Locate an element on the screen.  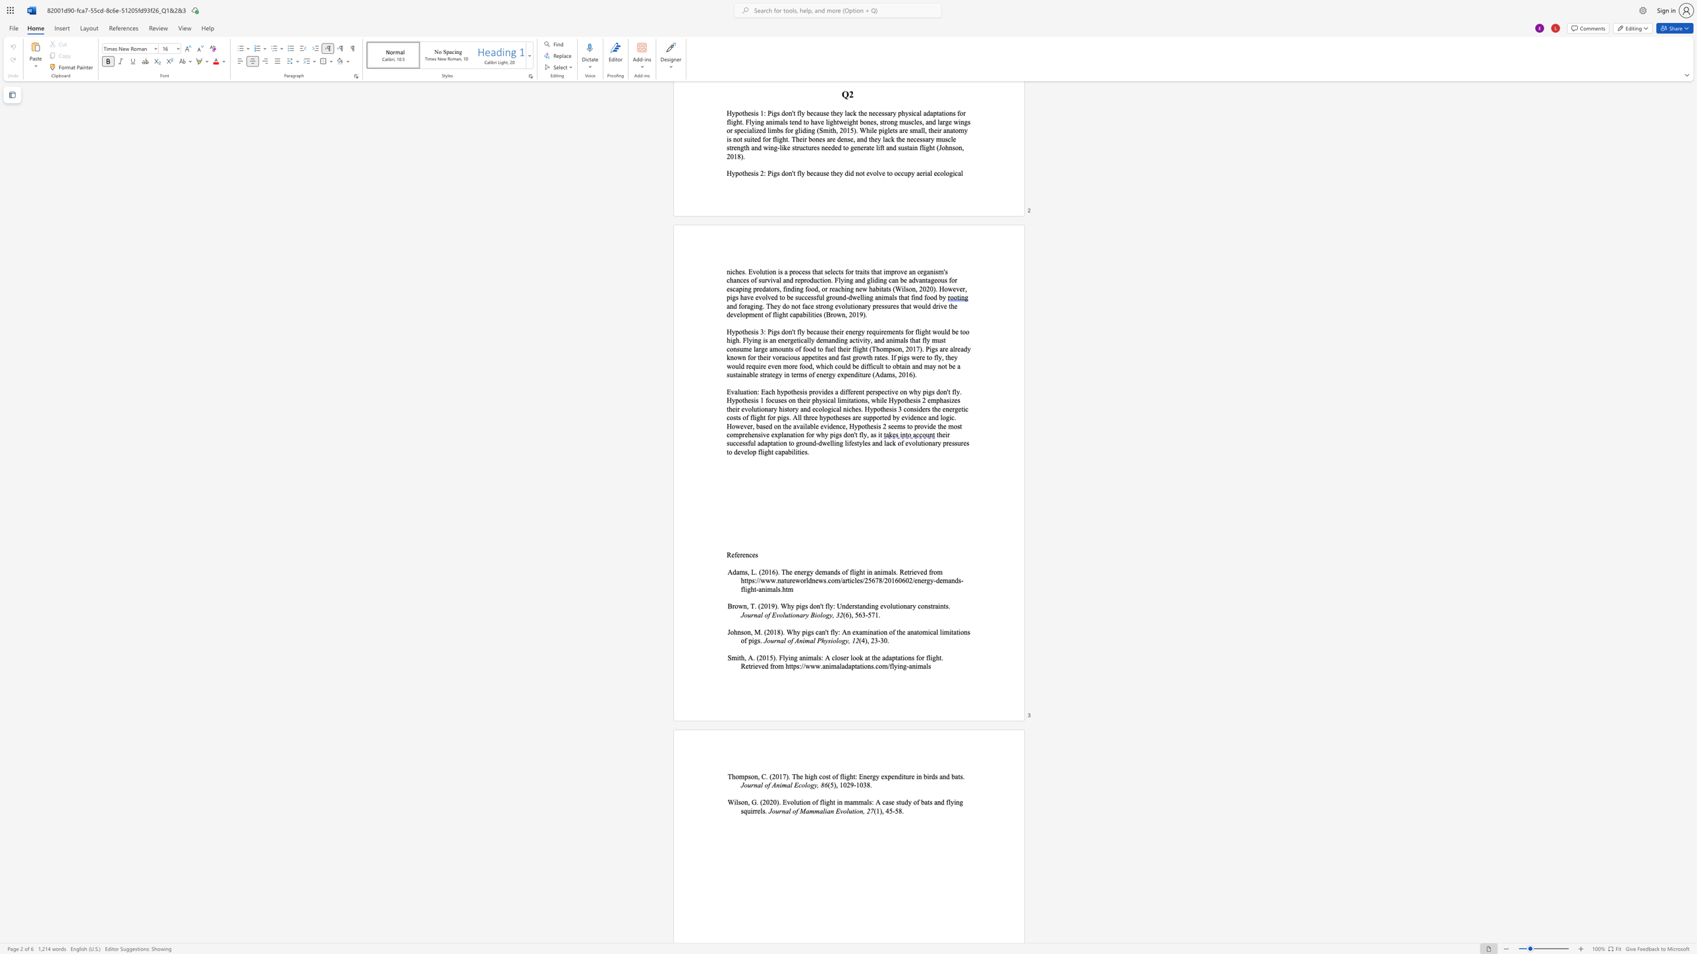
the subset text "ptations for flight." within the text "Smith, A. (2015). Flying animals: A closer look at the adaptations for flight. Retrieved f" is located at coordinates (891, 657).